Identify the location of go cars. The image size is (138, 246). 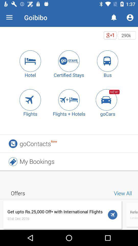
(107, 99).